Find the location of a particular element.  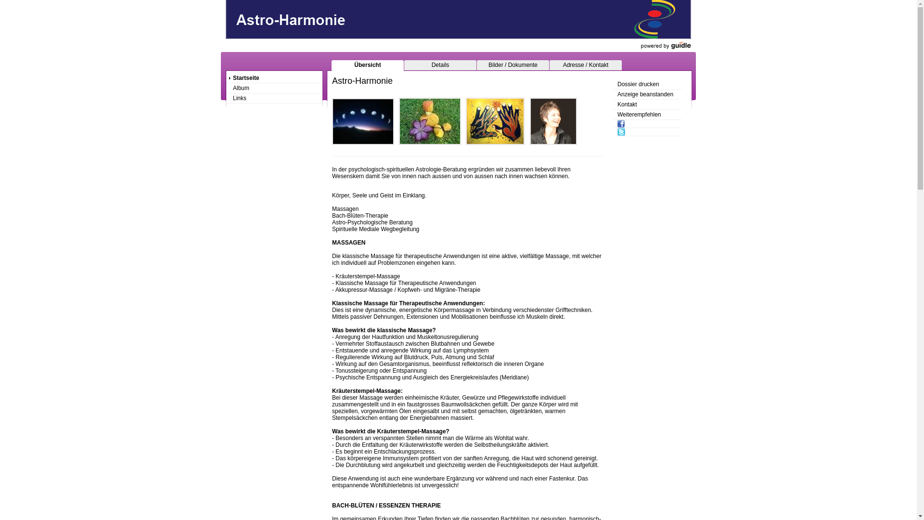

'Anzeige beanstanden' is located at coordinates (613, 94).